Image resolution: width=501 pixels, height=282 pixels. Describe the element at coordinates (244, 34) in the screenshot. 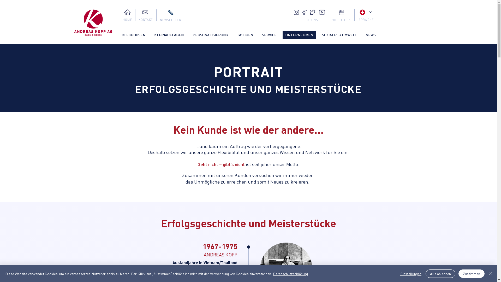

I see `'TASCHEN'` at that location.